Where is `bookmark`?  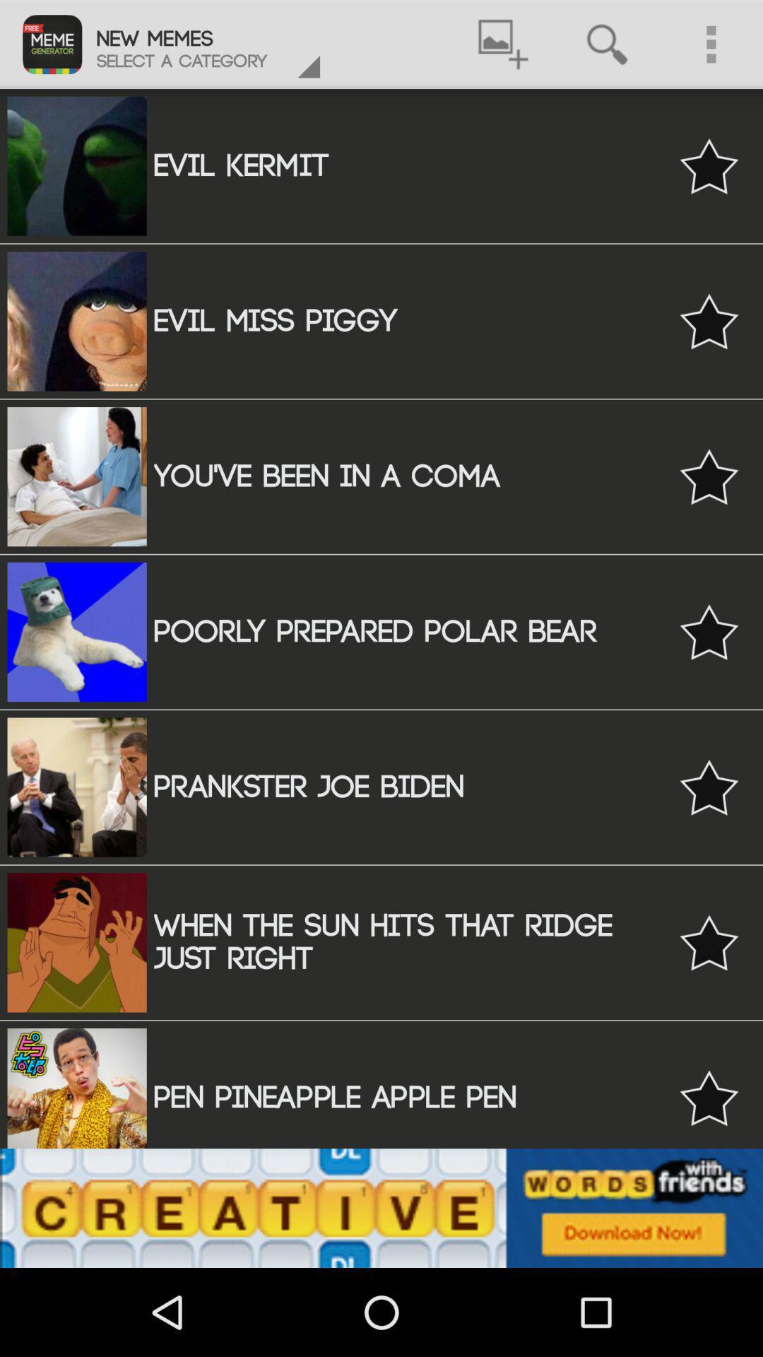
bookmark is located at coordinates (709, 631).